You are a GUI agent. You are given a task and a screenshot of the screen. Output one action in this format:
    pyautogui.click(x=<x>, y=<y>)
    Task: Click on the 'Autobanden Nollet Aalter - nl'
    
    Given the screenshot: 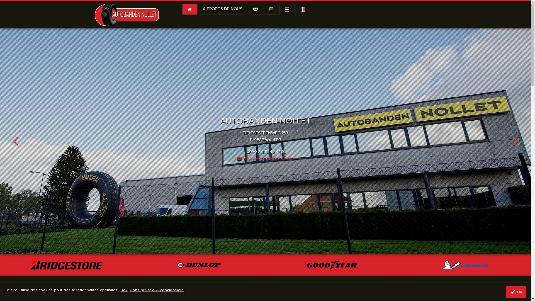 What is the action you would take?
    pyautogui.click(x=286, y=9)
    